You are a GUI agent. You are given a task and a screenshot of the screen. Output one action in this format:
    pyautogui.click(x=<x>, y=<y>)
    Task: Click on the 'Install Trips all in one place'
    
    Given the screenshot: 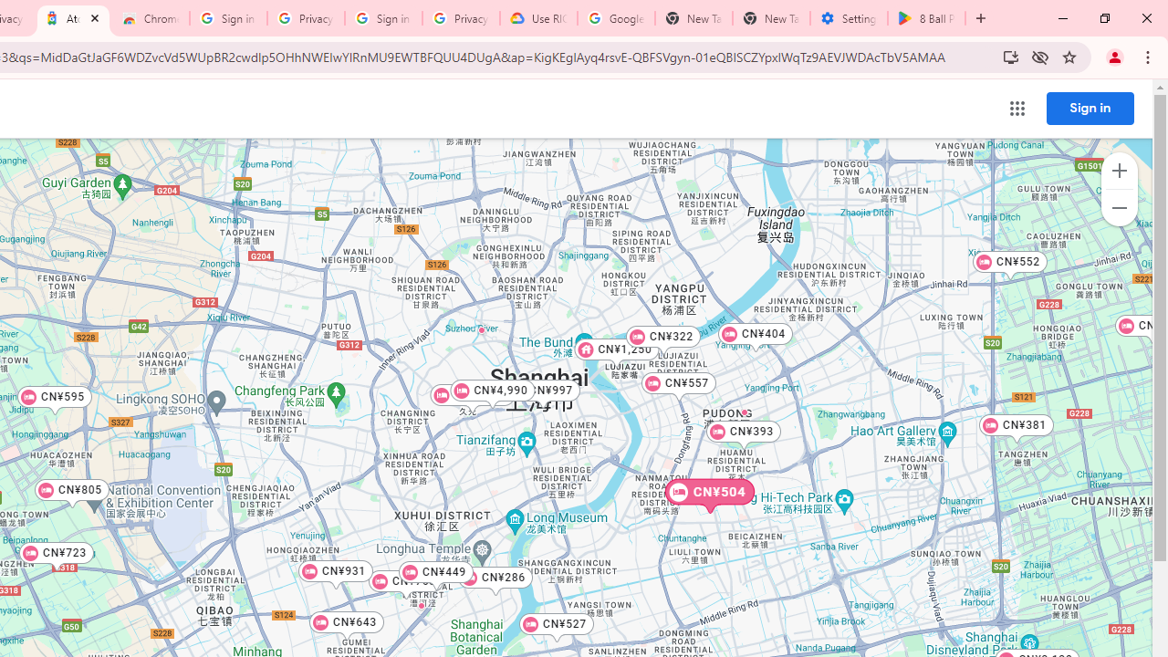 What is the action you would take?
    pyautogui.click(x=1009, y=56)
    